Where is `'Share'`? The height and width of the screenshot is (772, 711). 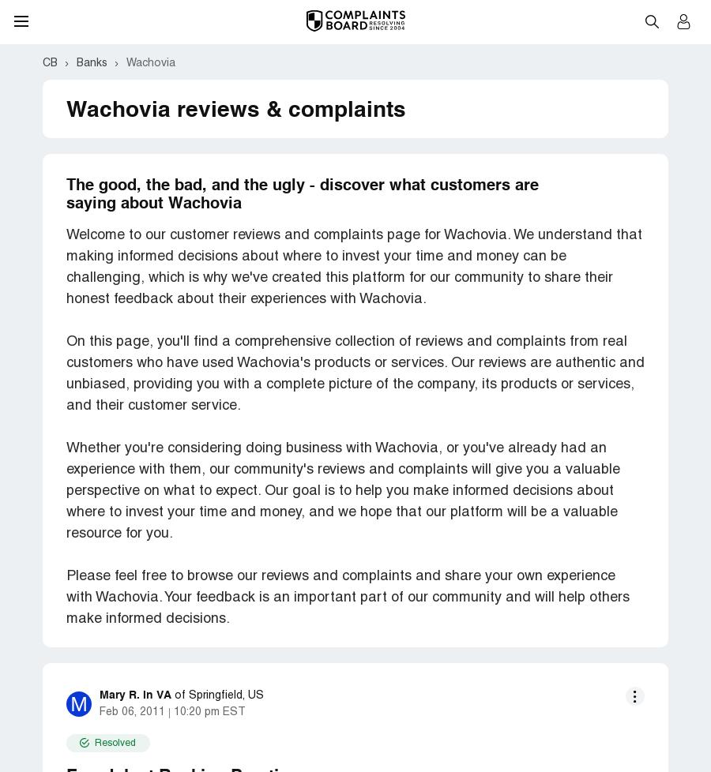 'Share' is located at coordinates (534, 217).